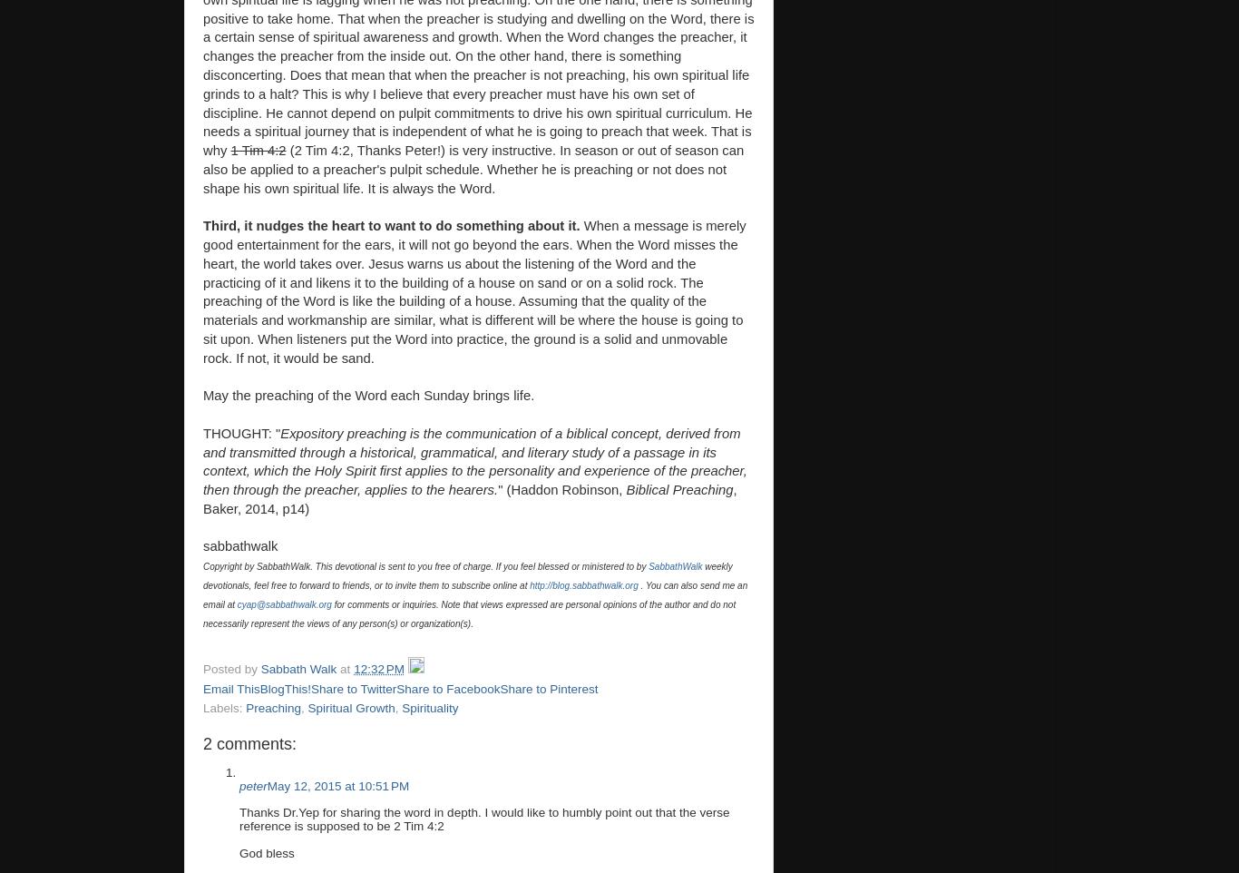  What do you see at coordinates (298, 668) in the screenshot?
I see `'Sabbath Walk'` at bounding box center [298, 668].